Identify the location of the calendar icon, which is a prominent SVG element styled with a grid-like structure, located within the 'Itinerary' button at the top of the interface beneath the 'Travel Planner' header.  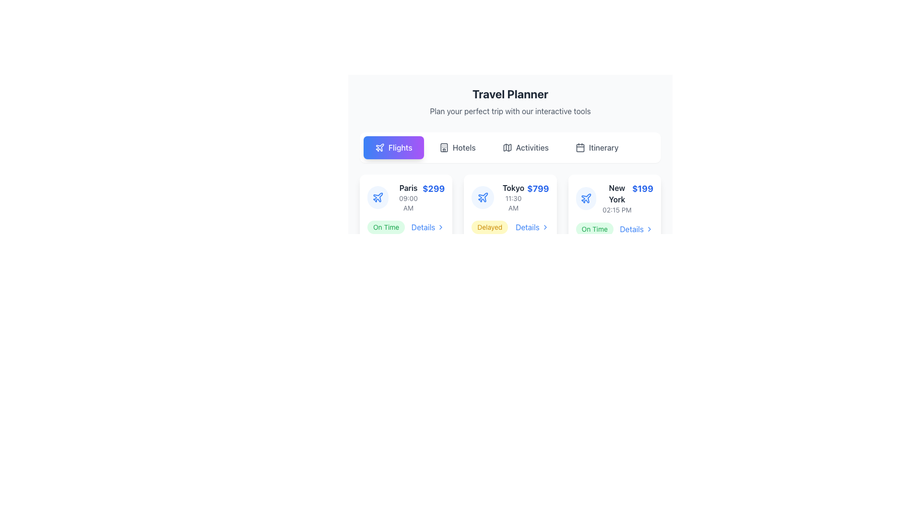
(579, 148).